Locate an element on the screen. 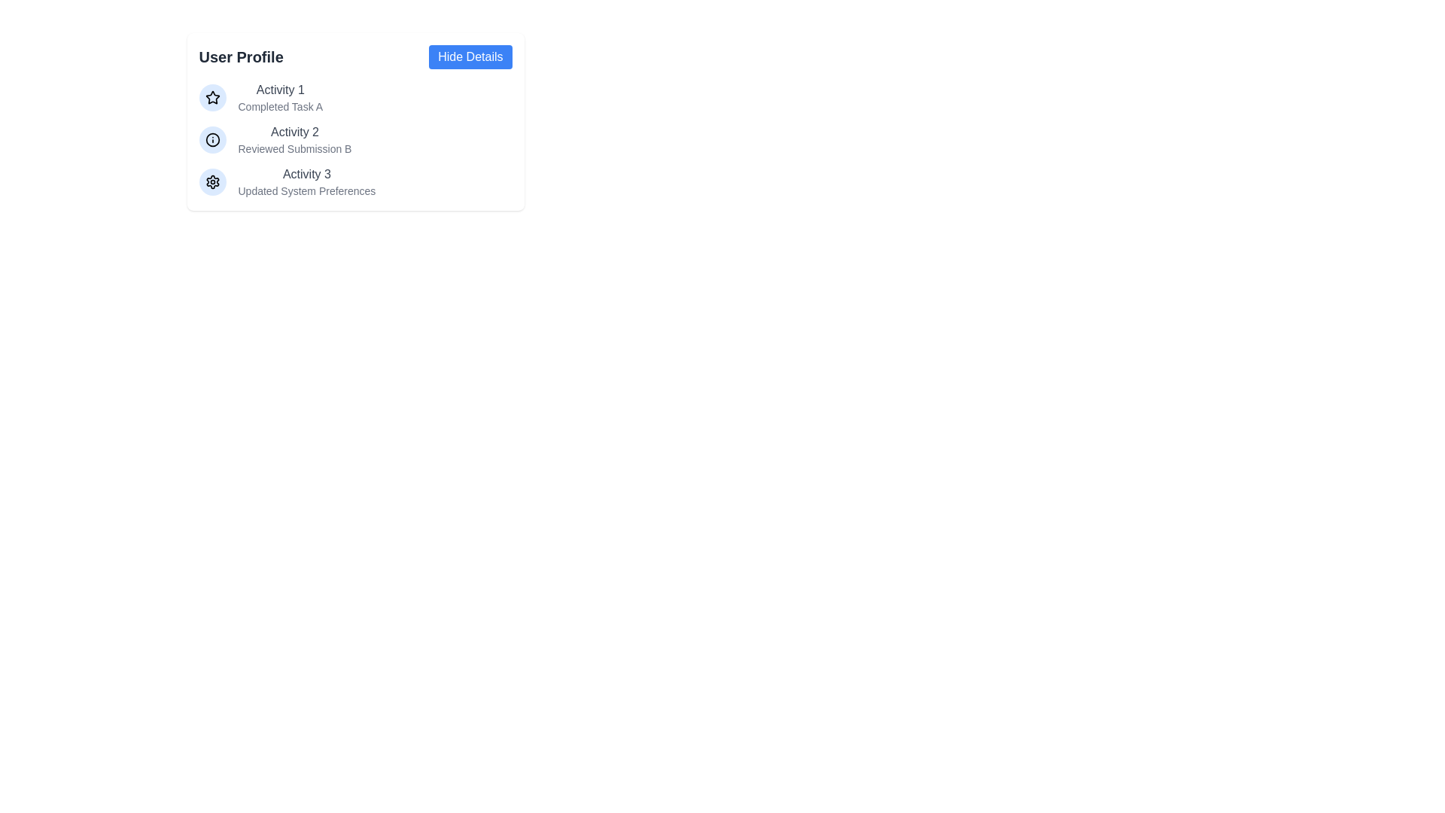 This screenshot has height=813, width=1445. the settings gear icon button with a light blue background that decoratively represents the concept of 'Activity 3' is located at coordinates (211, 181).